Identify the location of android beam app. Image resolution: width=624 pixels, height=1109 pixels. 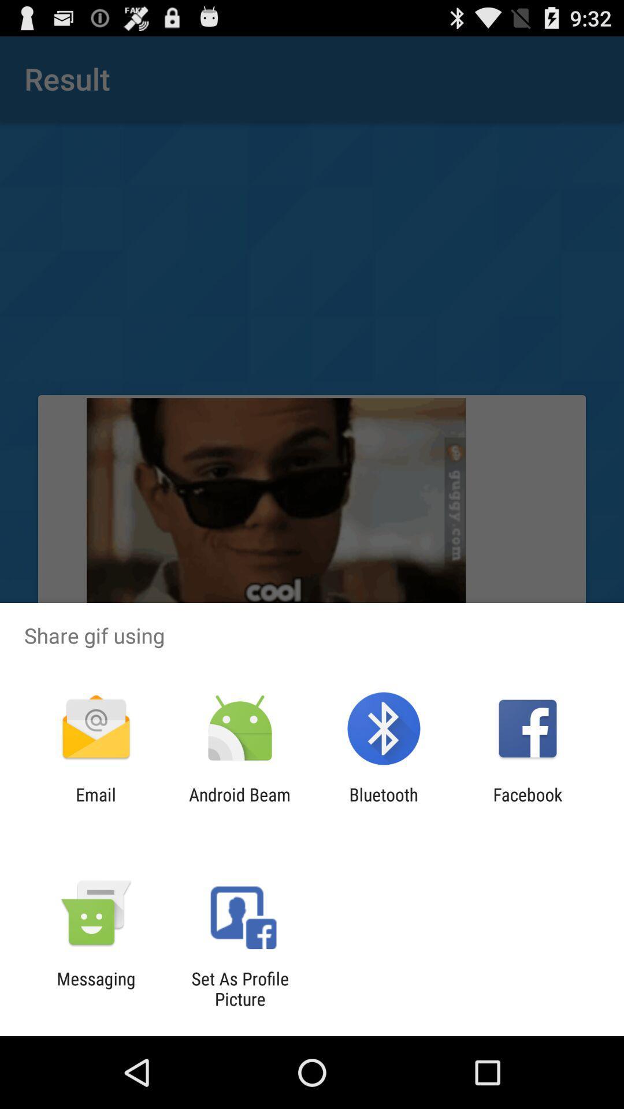
(239, 804).